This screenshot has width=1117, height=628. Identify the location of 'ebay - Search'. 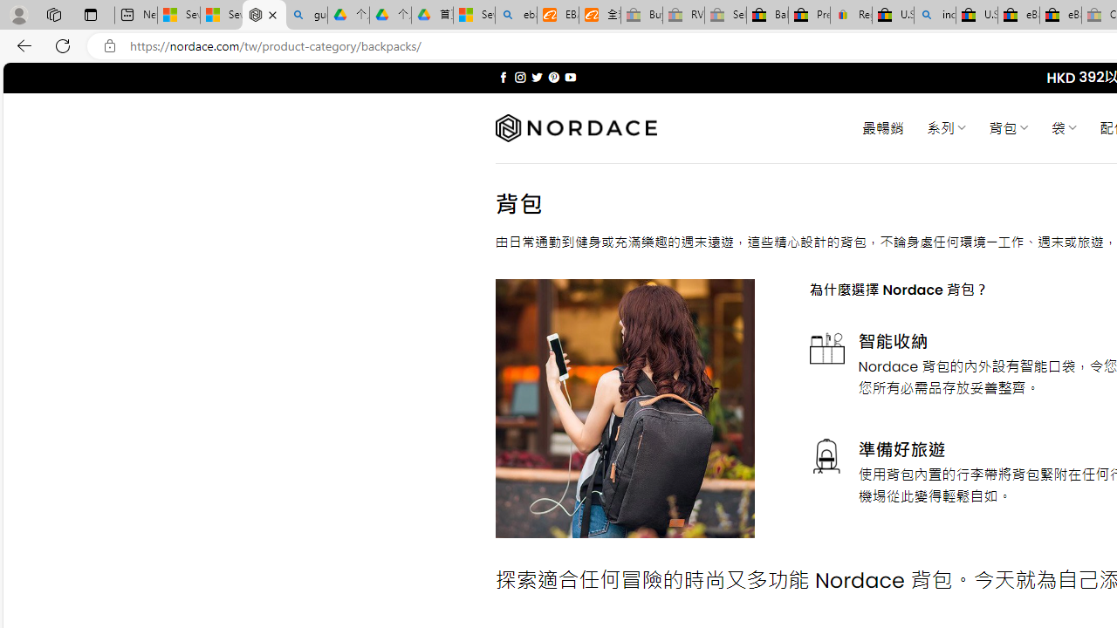
(516, 15).